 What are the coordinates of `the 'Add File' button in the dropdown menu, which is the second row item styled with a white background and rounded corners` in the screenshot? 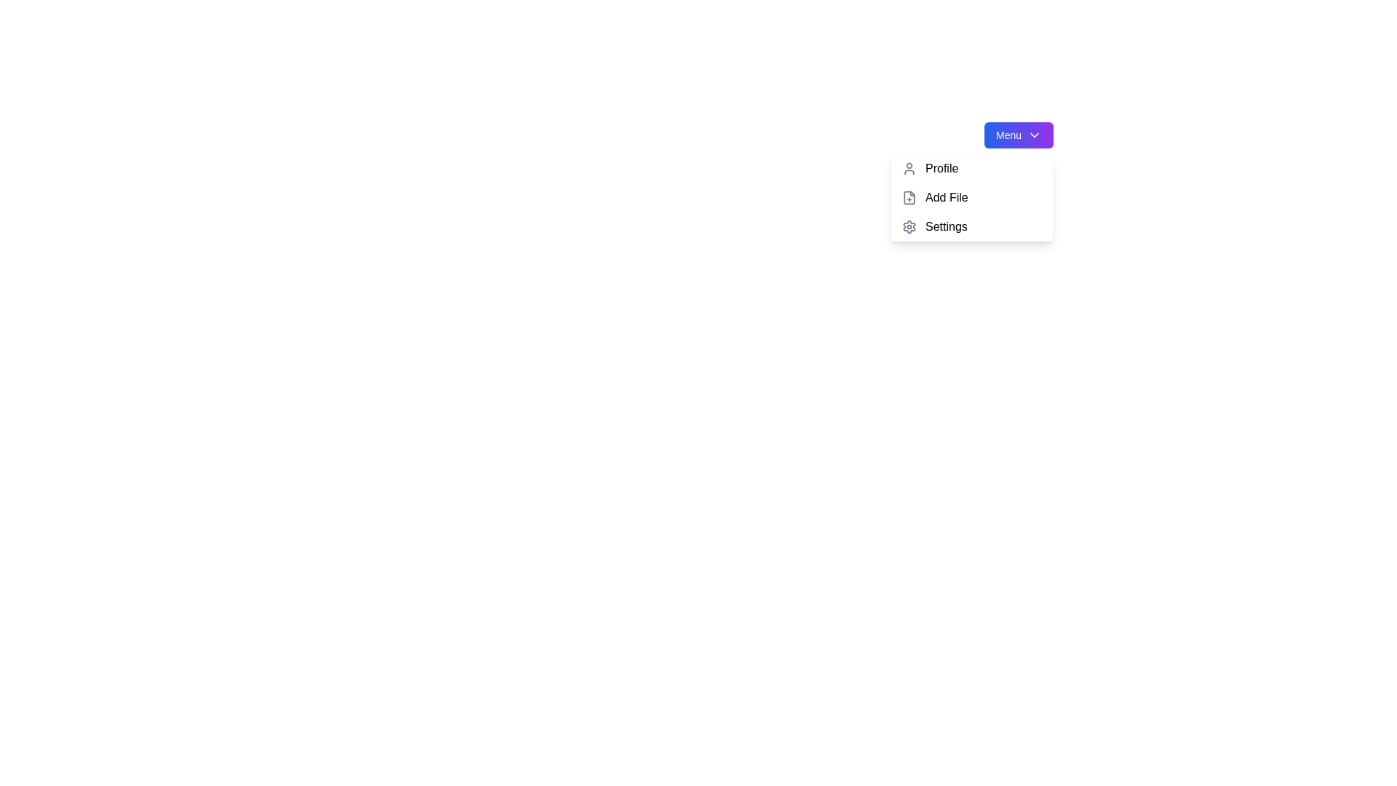 It's located at (971, 198).